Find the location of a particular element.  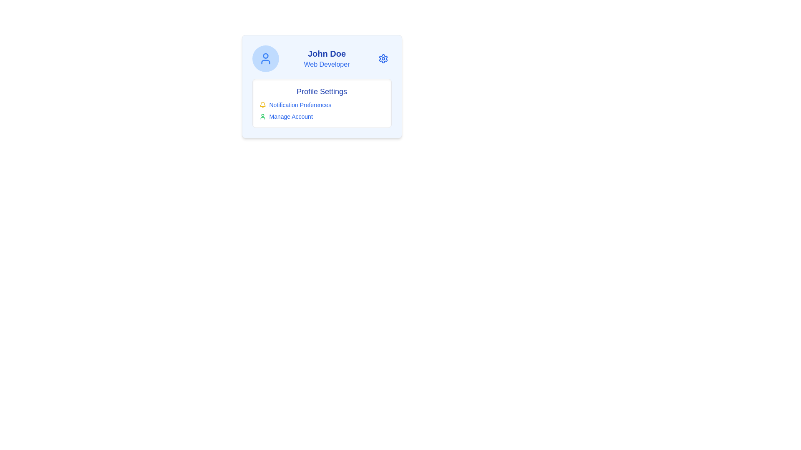

the Profile Header Section is located at coordinates (321, 58).